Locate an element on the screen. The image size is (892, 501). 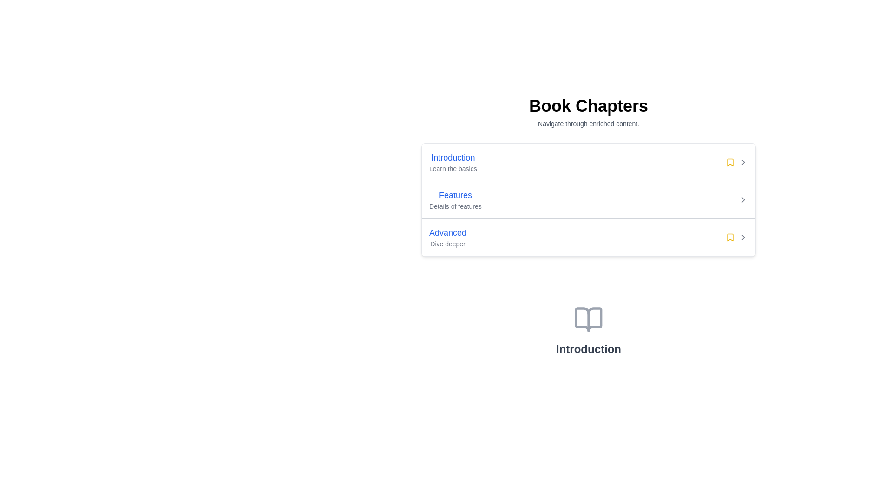
the small right-facing gray arrow icon in the 'Features' section of the 'Book Chapters' list is located at coordinates (742, 199).